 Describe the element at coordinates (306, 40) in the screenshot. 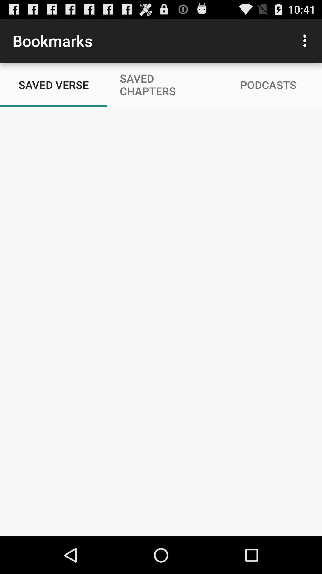

I see `icon next to saved chapters` at that location.